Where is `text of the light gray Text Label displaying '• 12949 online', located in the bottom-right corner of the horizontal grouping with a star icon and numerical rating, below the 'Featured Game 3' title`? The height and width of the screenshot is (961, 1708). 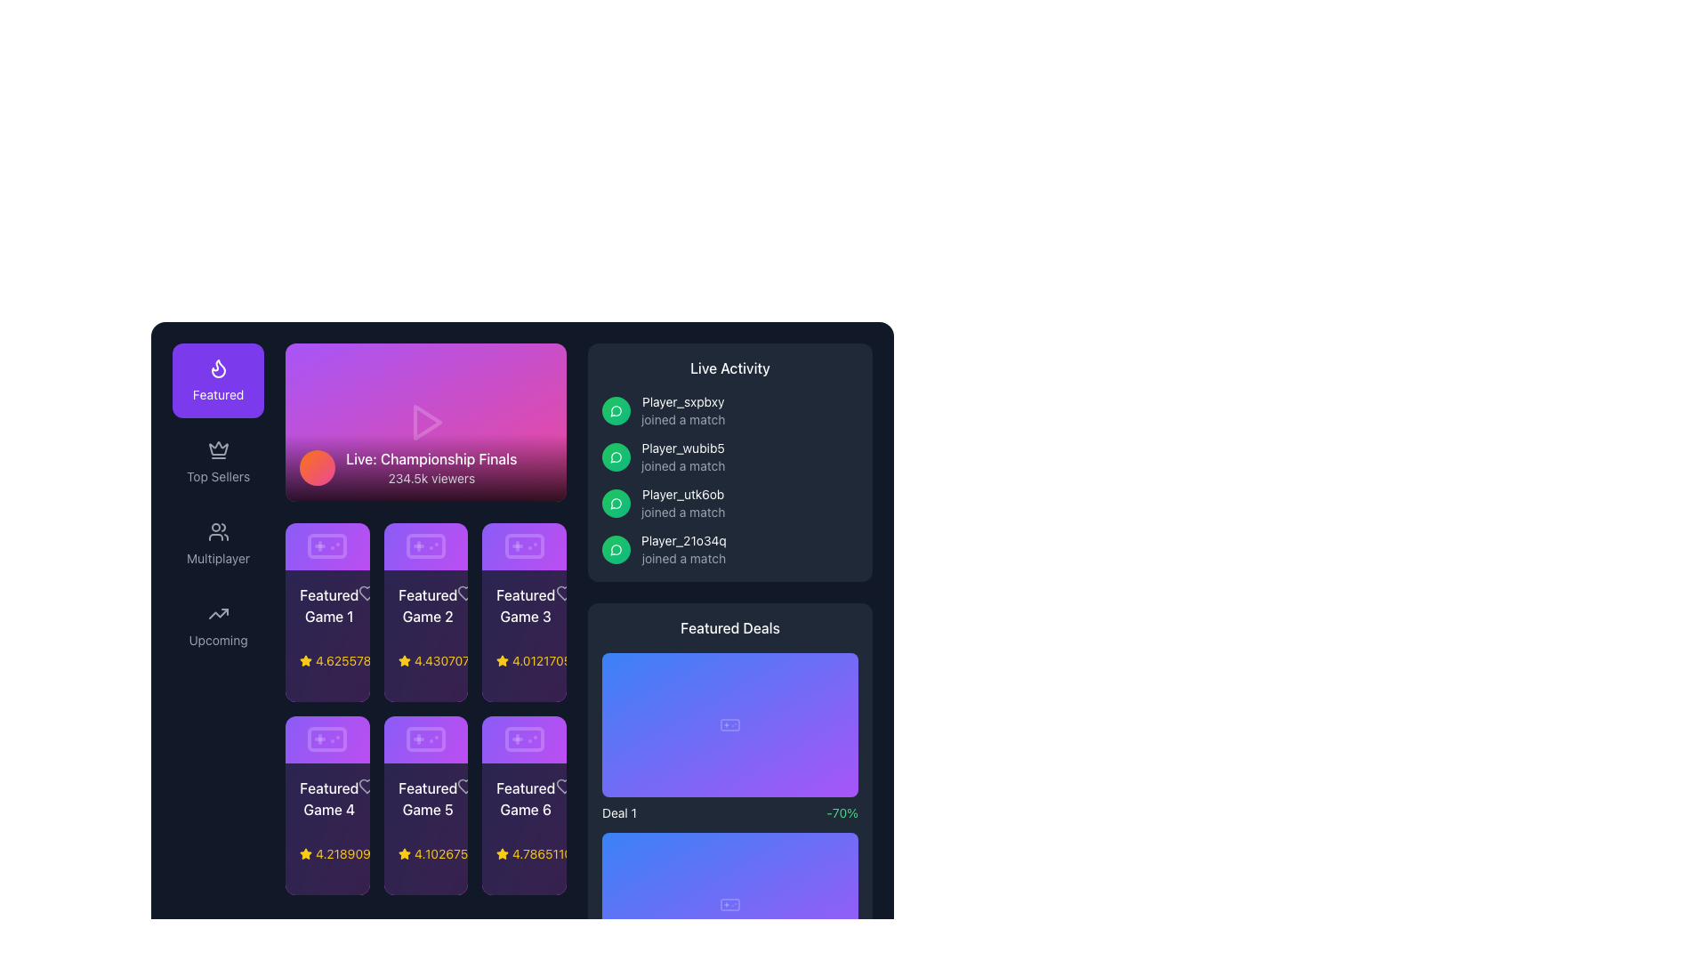
text of the light gray Text Label displaying '• 12949 online', located in the bottom-right corner of the horizontal grouping with a star icon and numerical rating, below the 'Featured Game 3' title is located at coordinates (560, 660).